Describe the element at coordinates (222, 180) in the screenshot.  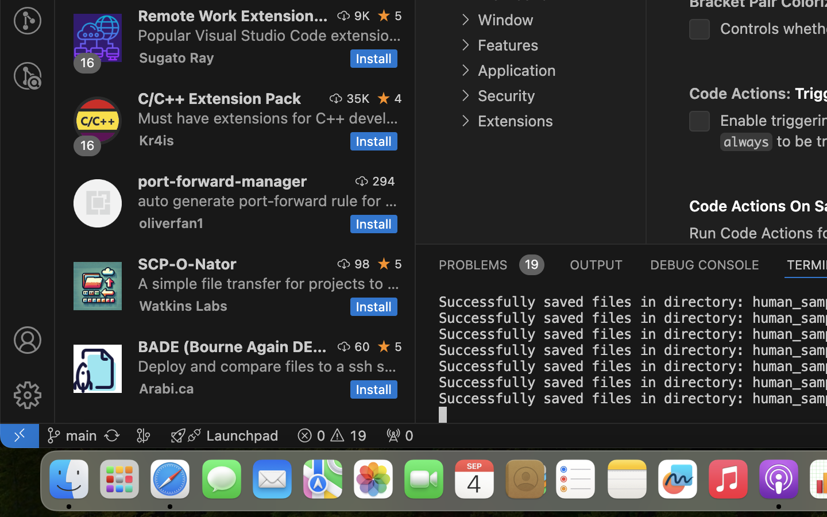
I see `'port-forward-manager'` at that location.